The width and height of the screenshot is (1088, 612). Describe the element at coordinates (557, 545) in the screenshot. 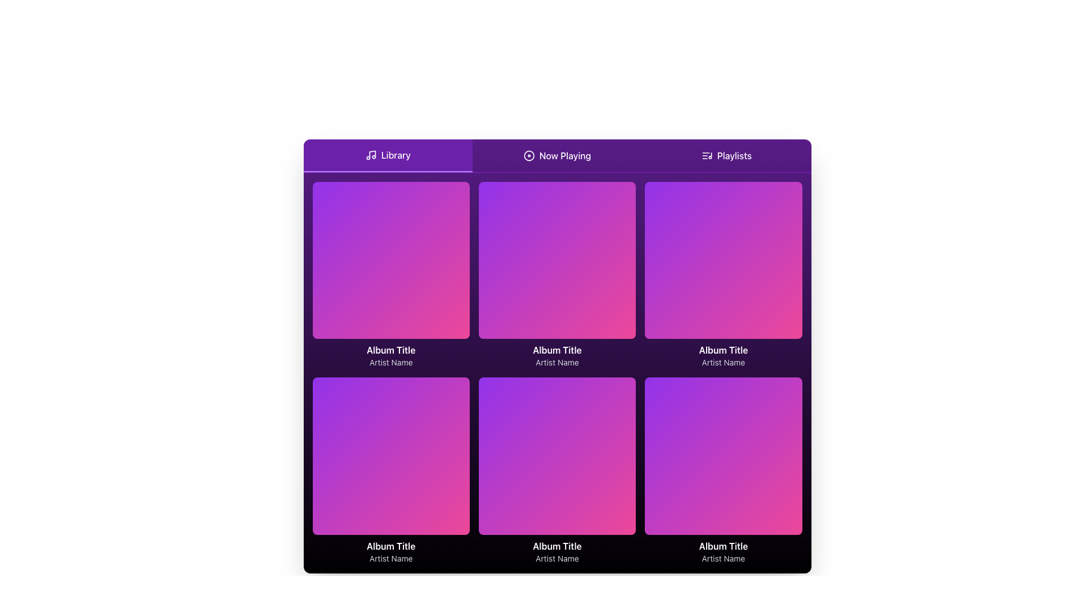

I see `title of the album located in the center column of the bottom row in a 3x2 grid layout` at that location.